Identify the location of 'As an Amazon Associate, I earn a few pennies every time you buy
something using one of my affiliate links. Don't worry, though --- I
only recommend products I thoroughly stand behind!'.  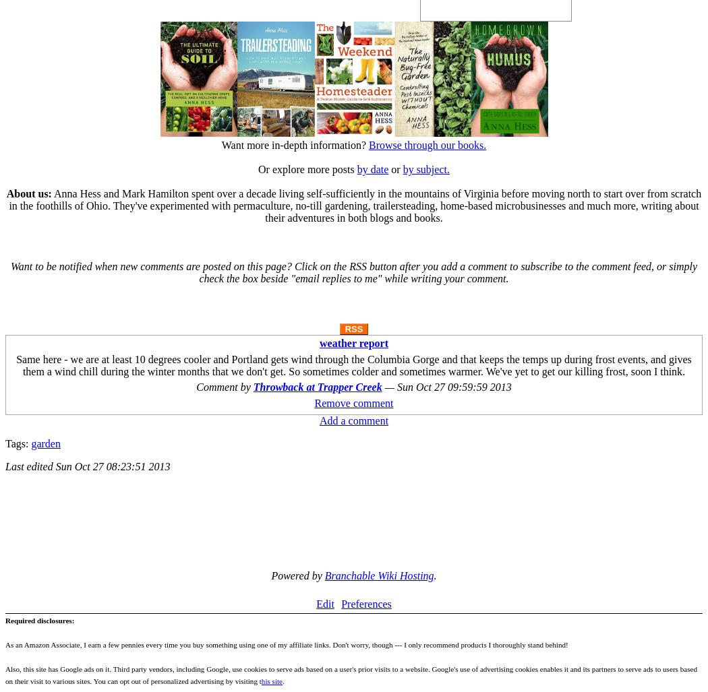
(5, 644).